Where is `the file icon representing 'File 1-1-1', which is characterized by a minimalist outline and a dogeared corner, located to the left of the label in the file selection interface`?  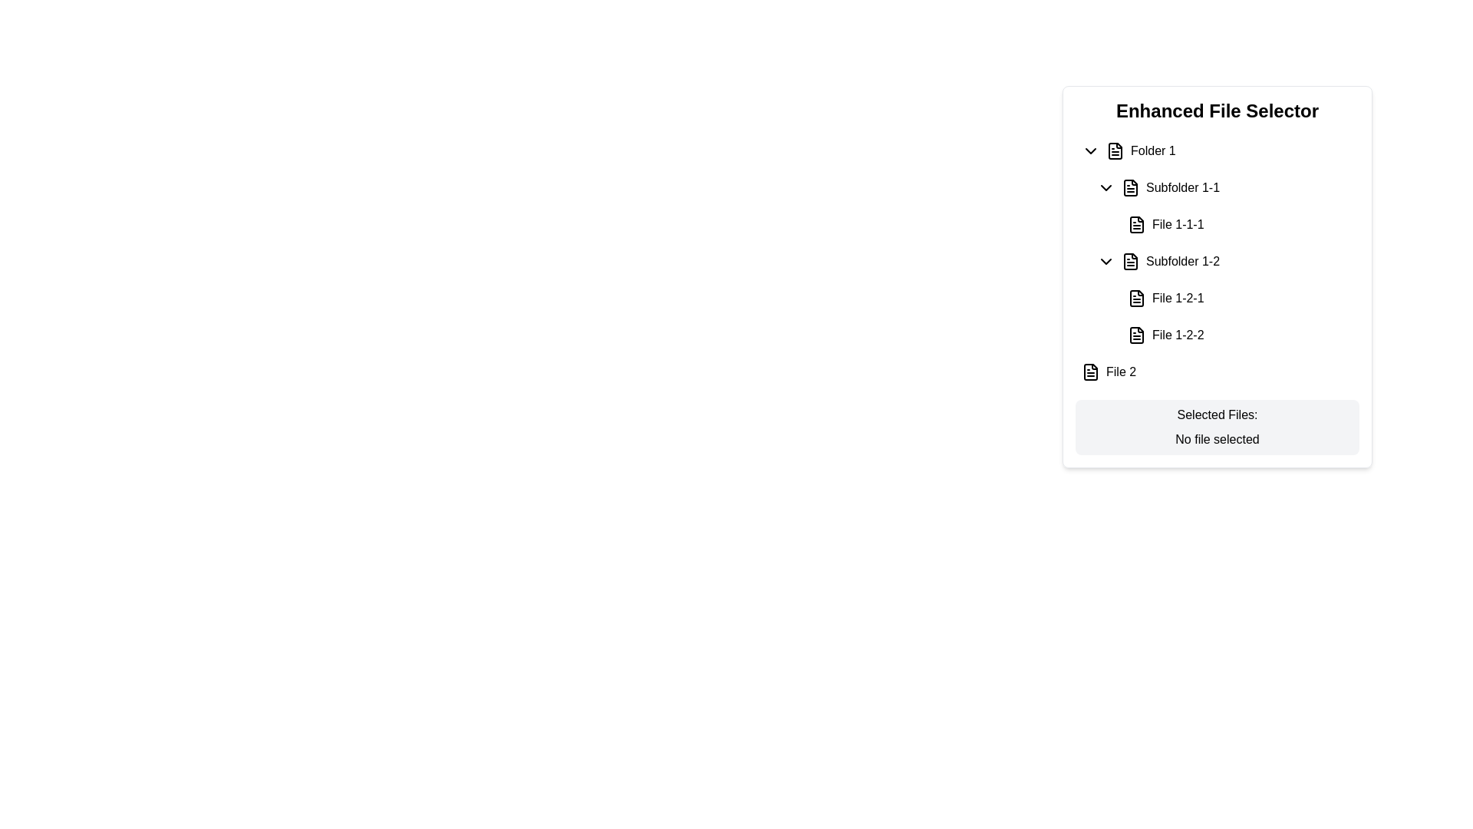 the file icon representing 'File 1-1-1', which is characterized by a minimalist outline and a dogeared corner, located to the left of the label in the file selection interface is located at coordinates (1137, 225).